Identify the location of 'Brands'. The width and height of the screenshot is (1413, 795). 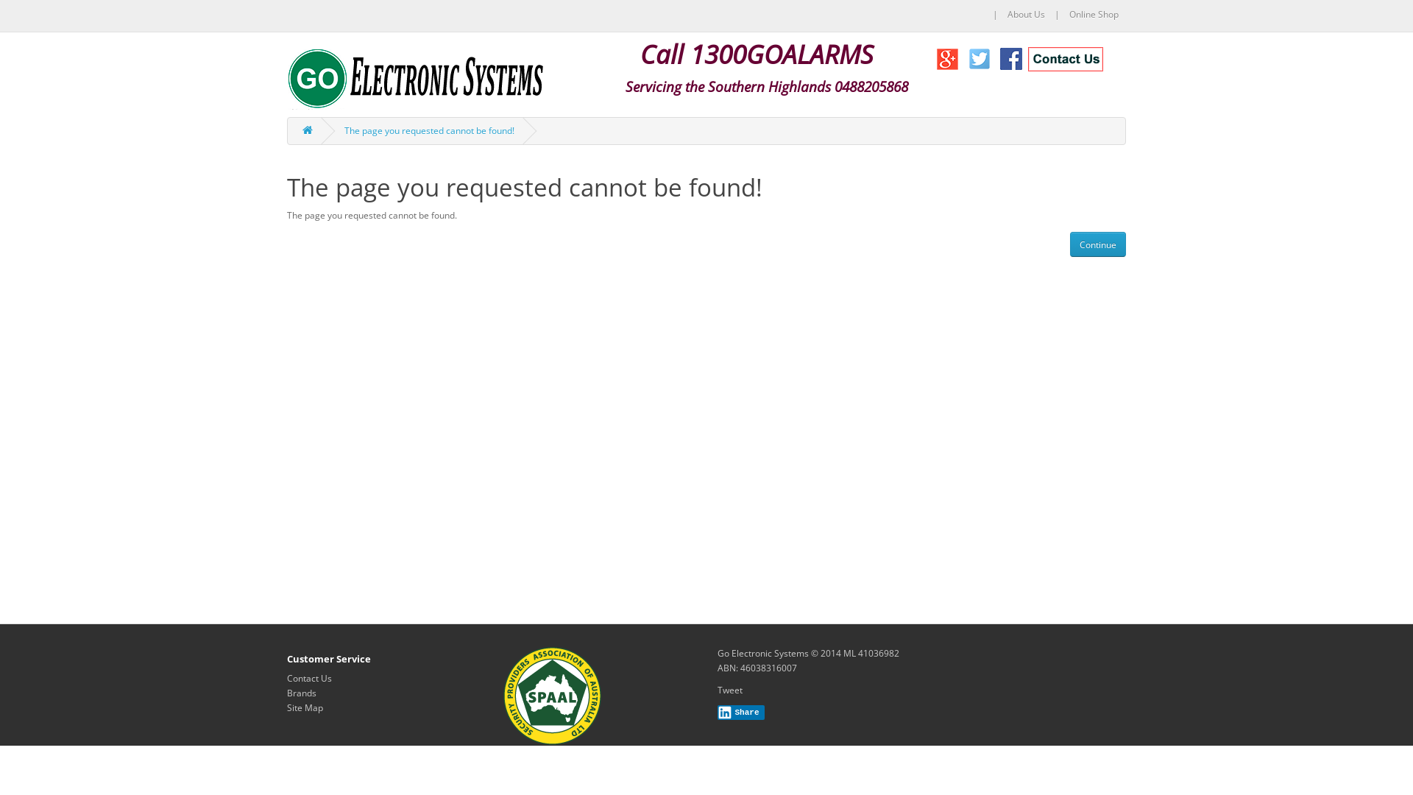
(300, 693).